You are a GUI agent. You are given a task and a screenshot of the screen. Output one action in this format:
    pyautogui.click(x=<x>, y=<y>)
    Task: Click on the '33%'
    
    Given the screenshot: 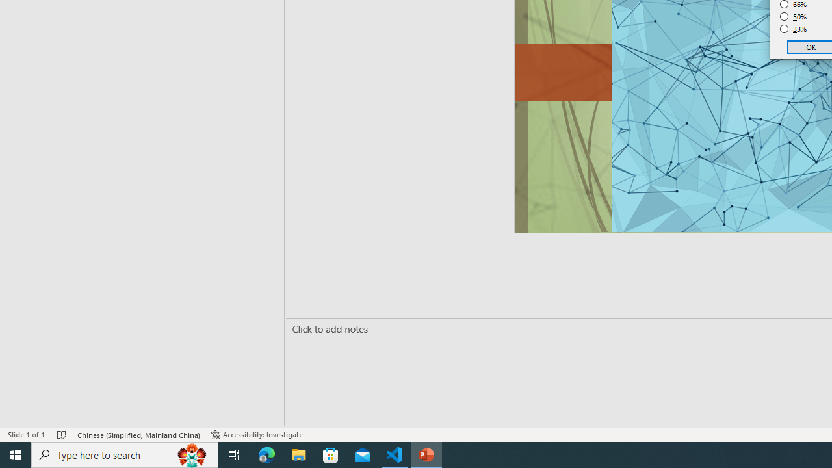 What is the action you would take?
    pyautogui.click(x=793, y=29)
    